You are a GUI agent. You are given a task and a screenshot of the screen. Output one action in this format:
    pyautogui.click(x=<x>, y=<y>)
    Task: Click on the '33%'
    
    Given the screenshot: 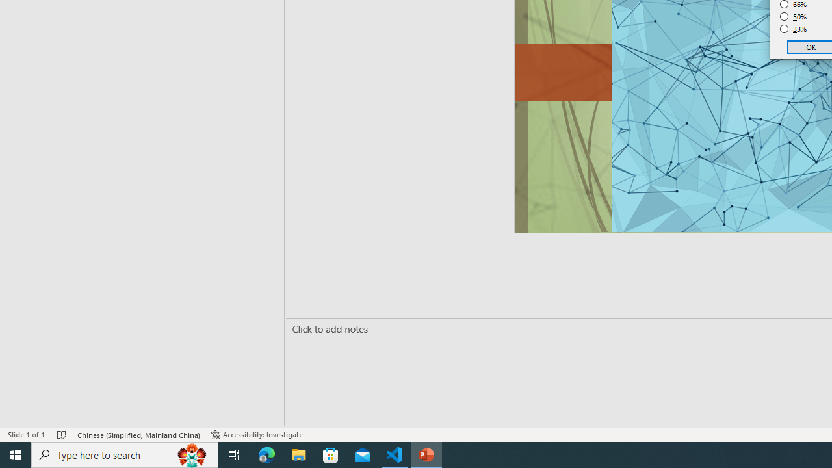 What is the action you would take?
    pyautogui.click(x=793, y=29)
    